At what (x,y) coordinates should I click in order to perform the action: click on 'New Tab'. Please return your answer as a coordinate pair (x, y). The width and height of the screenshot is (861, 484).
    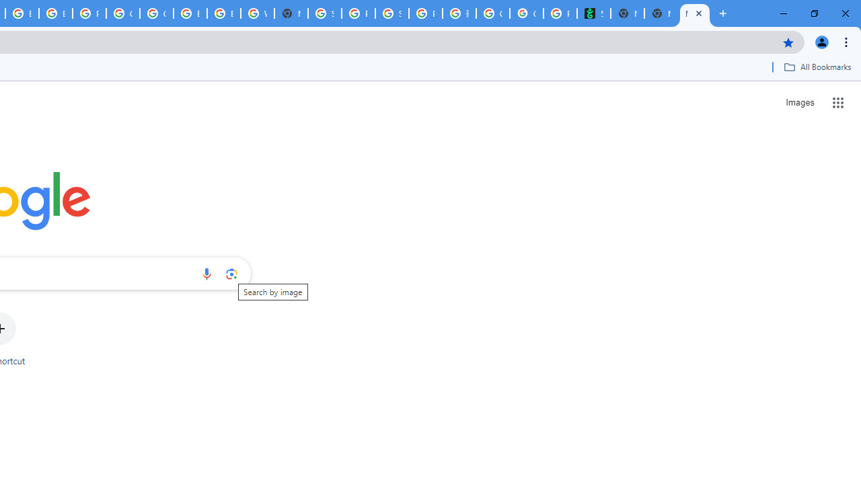
    Looking at the image, I should click on (661, 13).